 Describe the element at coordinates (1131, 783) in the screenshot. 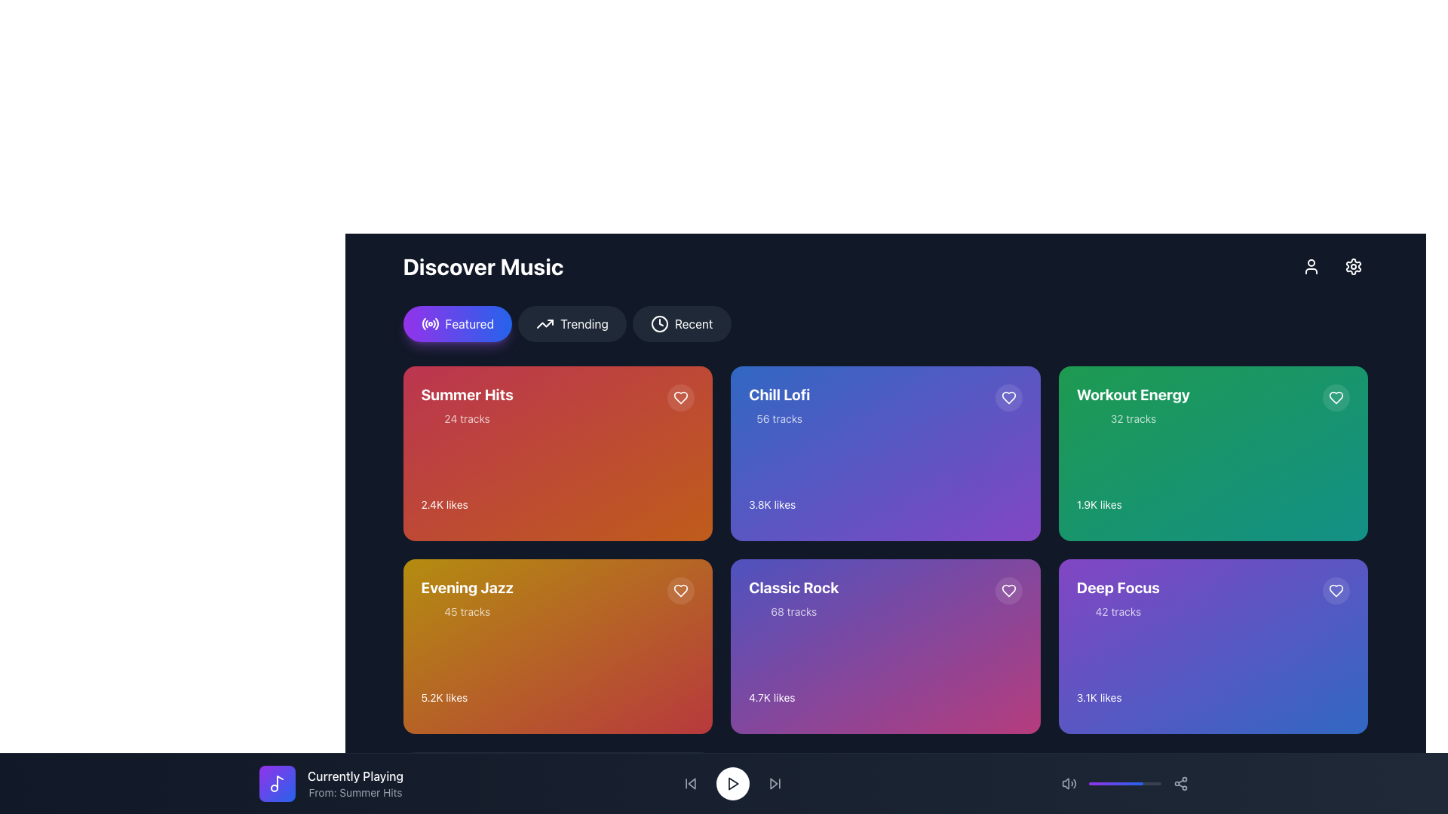

I see `volume level` at that location.